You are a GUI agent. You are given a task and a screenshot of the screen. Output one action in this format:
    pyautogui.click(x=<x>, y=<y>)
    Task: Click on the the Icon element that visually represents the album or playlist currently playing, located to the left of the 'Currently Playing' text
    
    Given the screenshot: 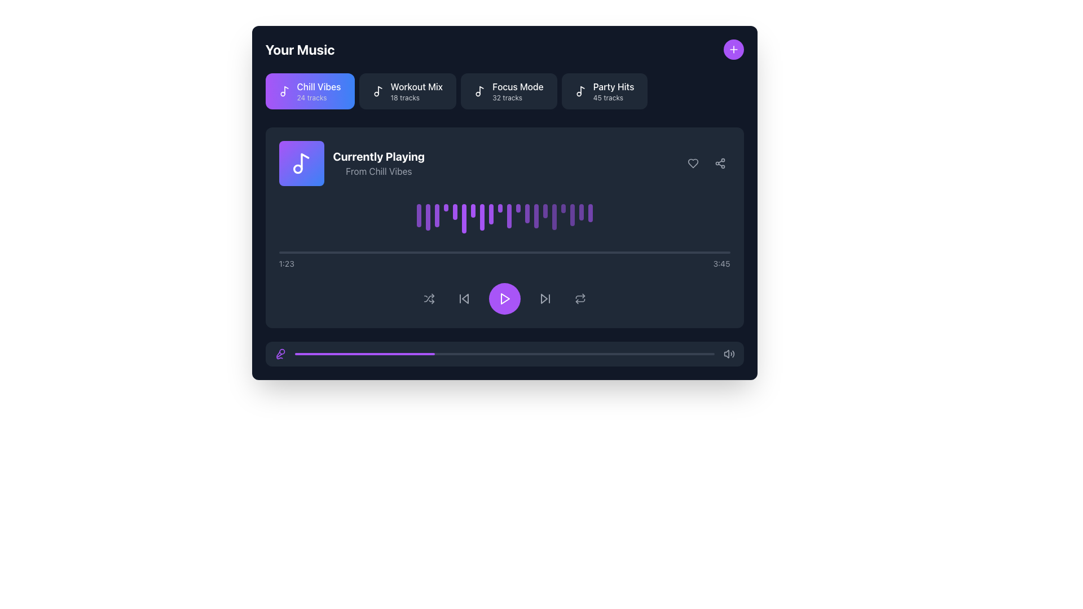 What is the action you would take?
    pyautogui.click(x=301, y=163)
    